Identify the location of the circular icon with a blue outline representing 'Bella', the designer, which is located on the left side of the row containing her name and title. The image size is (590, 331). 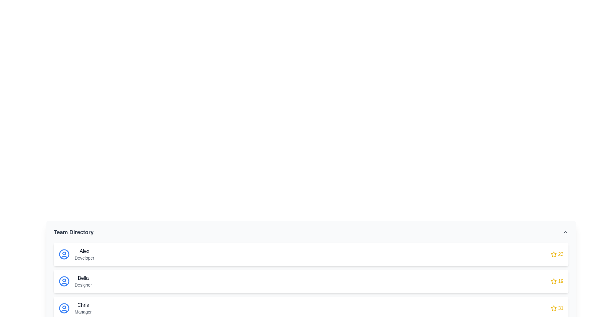
(64, 281).